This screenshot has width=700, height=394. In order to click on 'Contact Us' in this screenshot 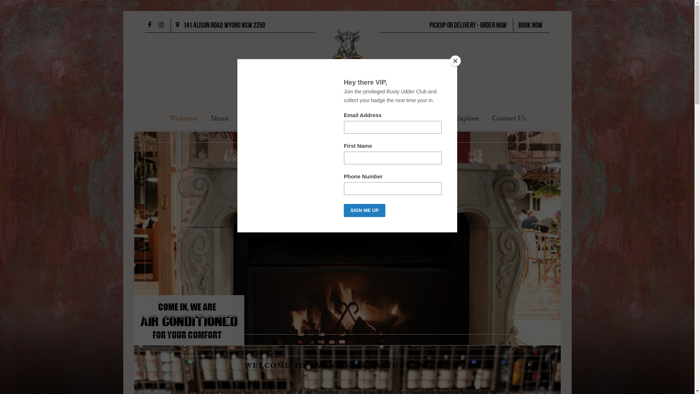, I will do `click(509, 119)`.